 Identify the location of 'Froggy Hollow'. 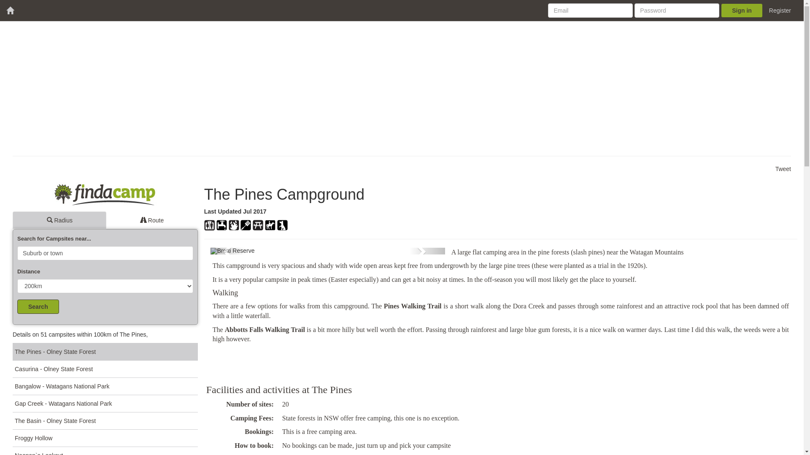
(105, 437).